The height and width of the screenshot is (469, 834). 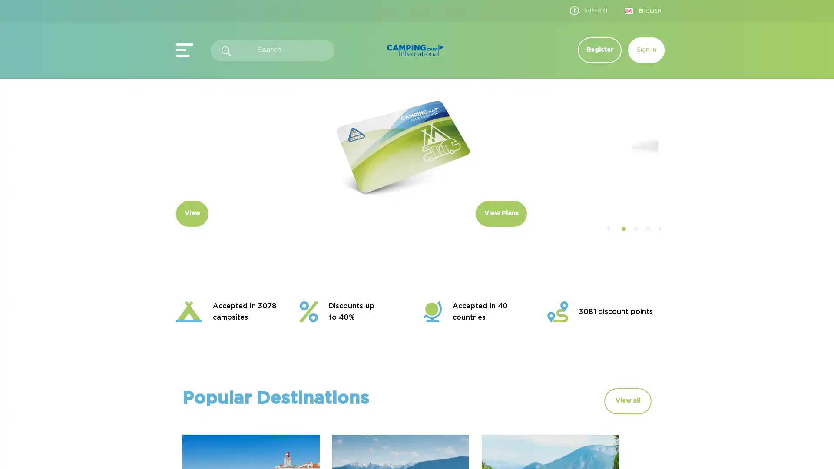 I want to click on Next, so click(x=659, y=266).